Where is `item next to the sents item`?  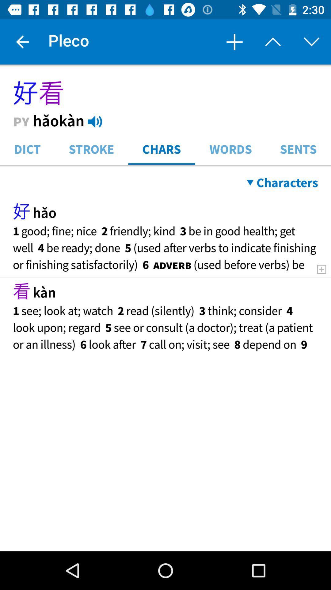 item next to the sents item is located at coordinates (230, 148).